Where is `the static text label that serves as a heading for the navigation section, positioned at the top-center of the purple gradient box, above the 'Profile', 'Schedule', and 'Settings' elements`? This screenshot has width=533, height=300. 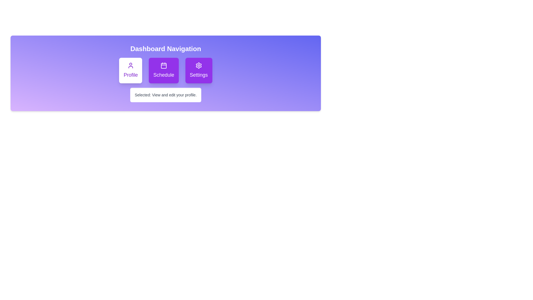 the static text label that serves as a heading for the navigation section, positioned at the top-center of the purple gradient box, above the 'Profile', 'Schedule', and 'Settings' elements is located at coordinates (165, 49).